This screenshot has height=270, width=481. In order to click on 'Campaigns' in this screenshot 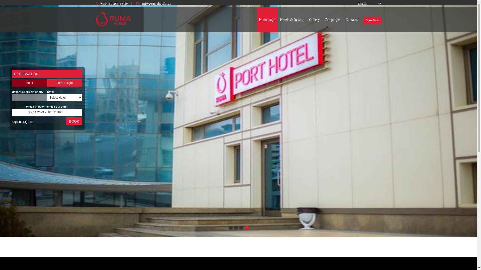, I will do `click(322, 20)`.